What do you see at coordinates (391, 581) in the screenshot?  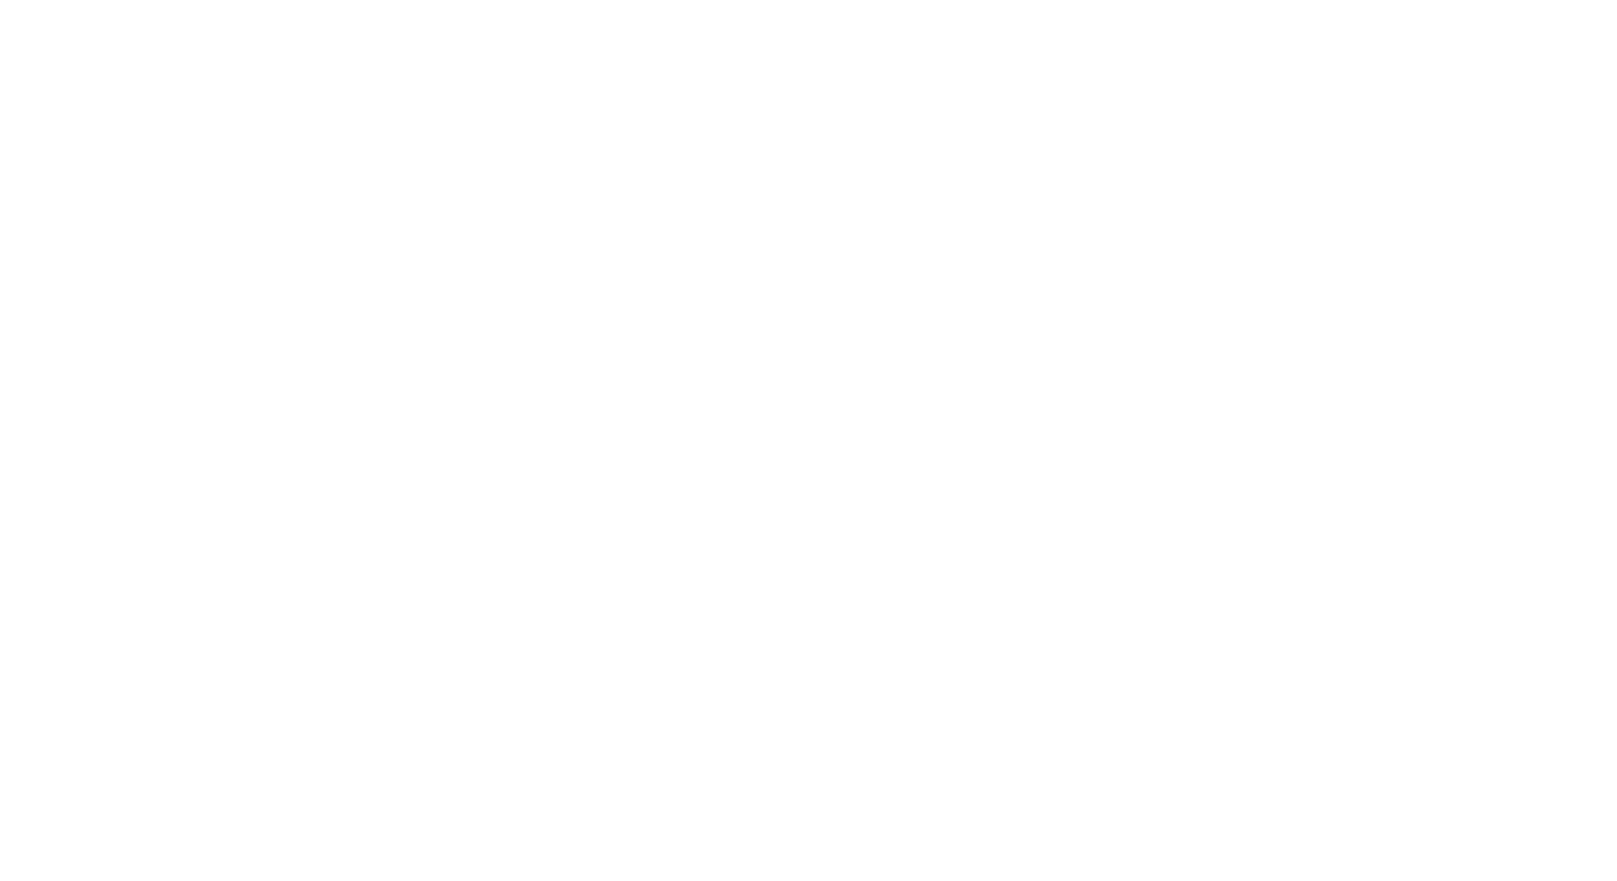 I see `'Related Posts'` at bounding box center [391, 581].